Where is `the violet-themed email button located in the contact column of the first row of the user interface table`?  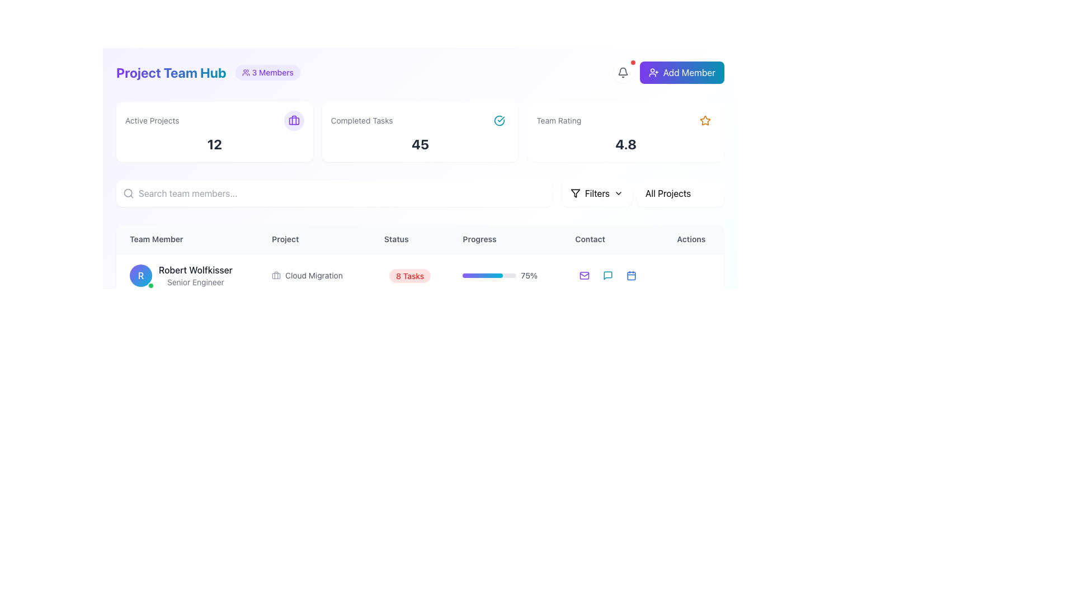
the violet-themed email button located in the contact column of the first row of the user interface table is located at coordinates (584, 276).